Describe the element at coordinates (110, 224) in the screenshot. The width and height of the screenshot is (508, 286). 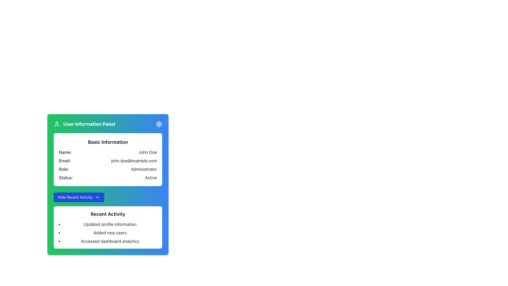
I see `text of the first item in the Recent Activity section, which says 'Updated profile information.'` at that location.